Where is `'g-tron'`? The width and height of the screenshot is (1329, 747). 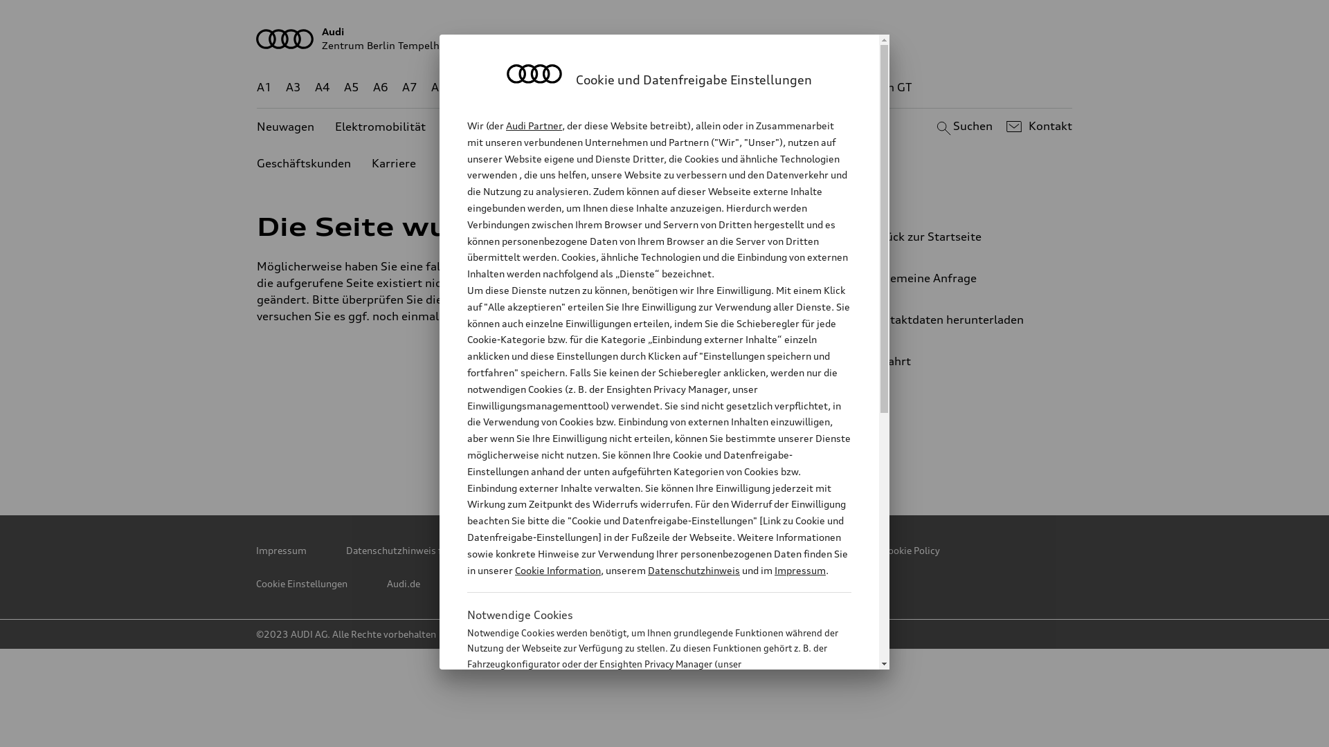 'g-tron' is located at coordinates (829, 87).